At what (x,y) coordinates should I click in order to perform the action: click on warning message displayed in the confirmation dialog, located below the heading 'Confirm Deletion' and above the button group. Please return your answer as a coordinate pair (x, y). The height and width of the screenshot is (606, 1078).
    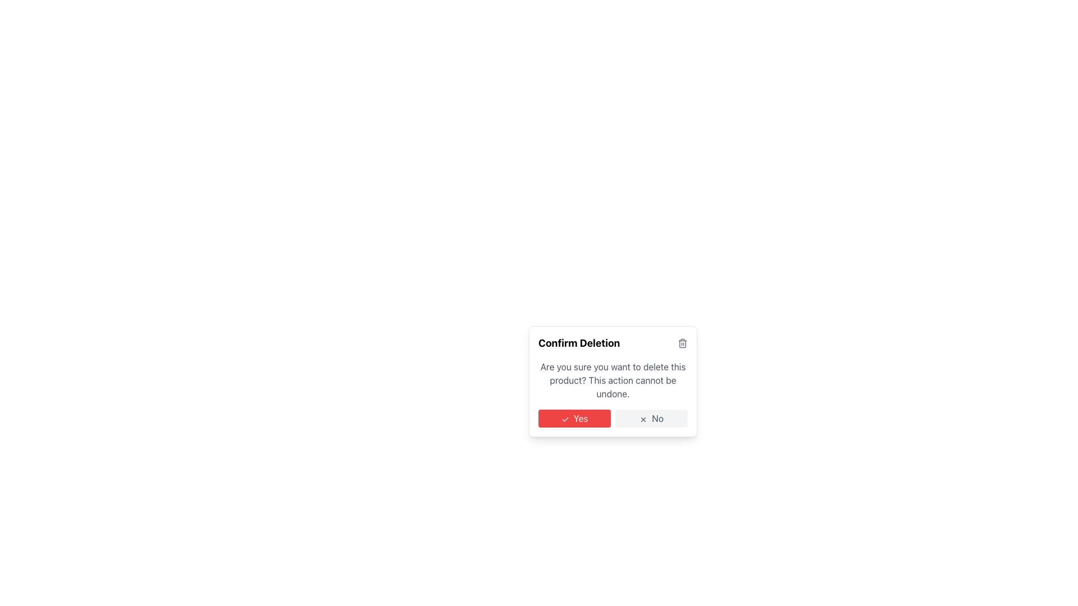
    Looking at the image, I should click on (612, 380).